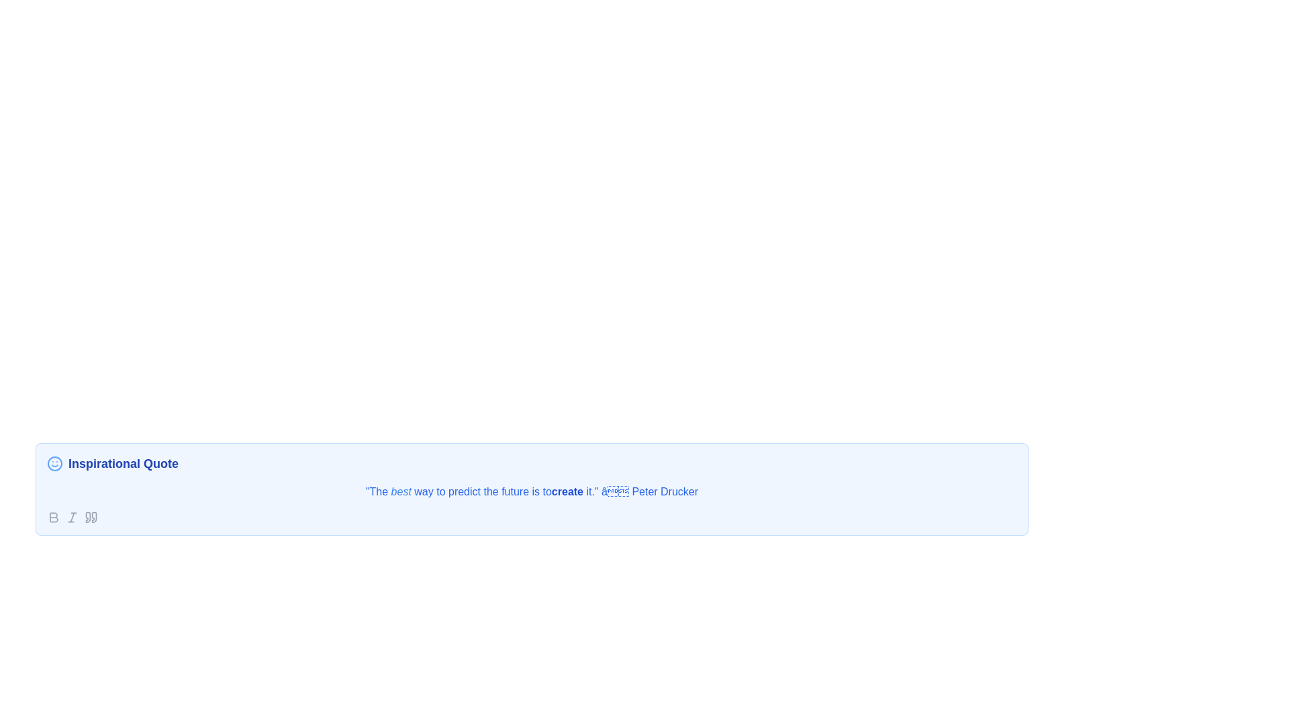 Image resolution: width=1289 pixels, height=725 pixels. I want to click on the bold blue text label displaying 'Inspirational Quote', which is the rightmost element in a horizontally-aligned group next to a smiling face icon, so click(123, 463).